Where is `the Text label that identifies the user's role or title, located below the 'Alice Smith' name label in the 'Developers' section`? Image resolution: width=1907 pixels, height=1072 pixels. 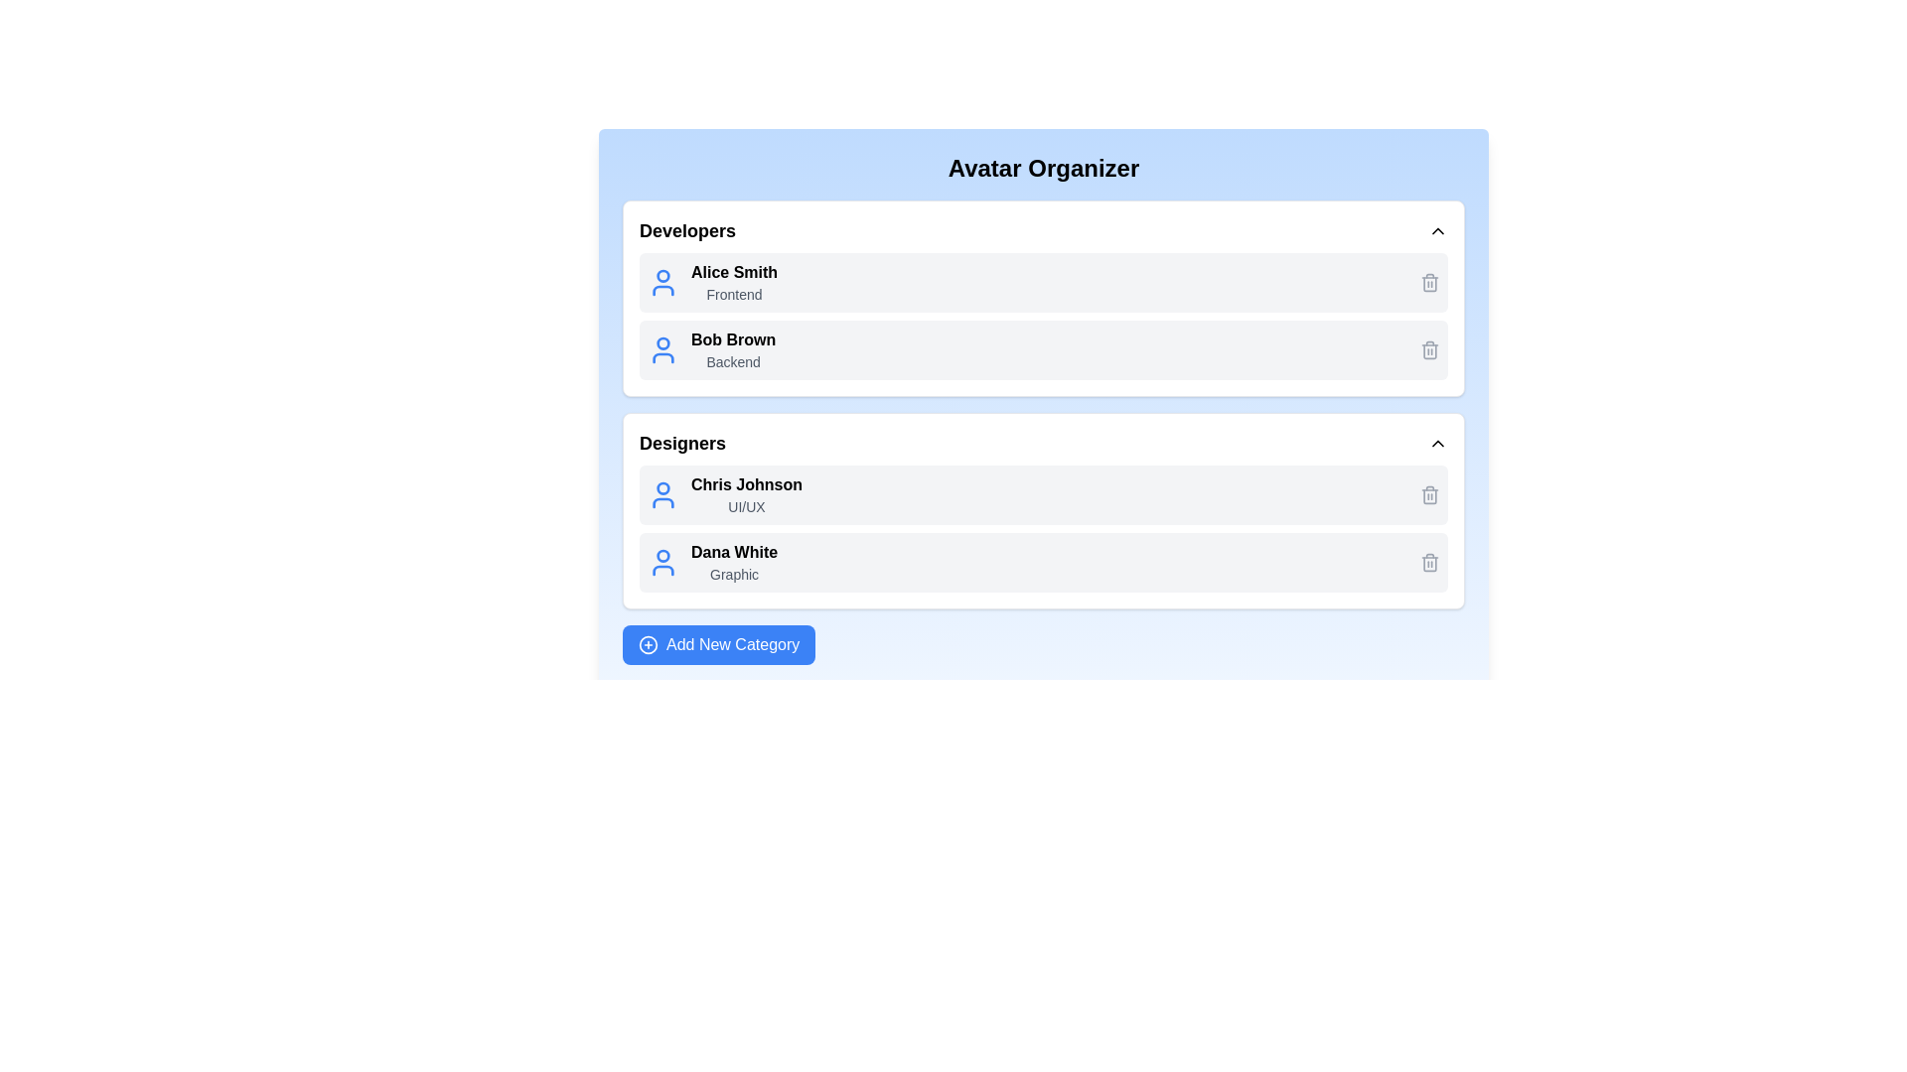 the Text label that identifies the user's role or title, located below the 'Alice Smith' name label in the 'Developers' section is located at coordinates (733, 295).